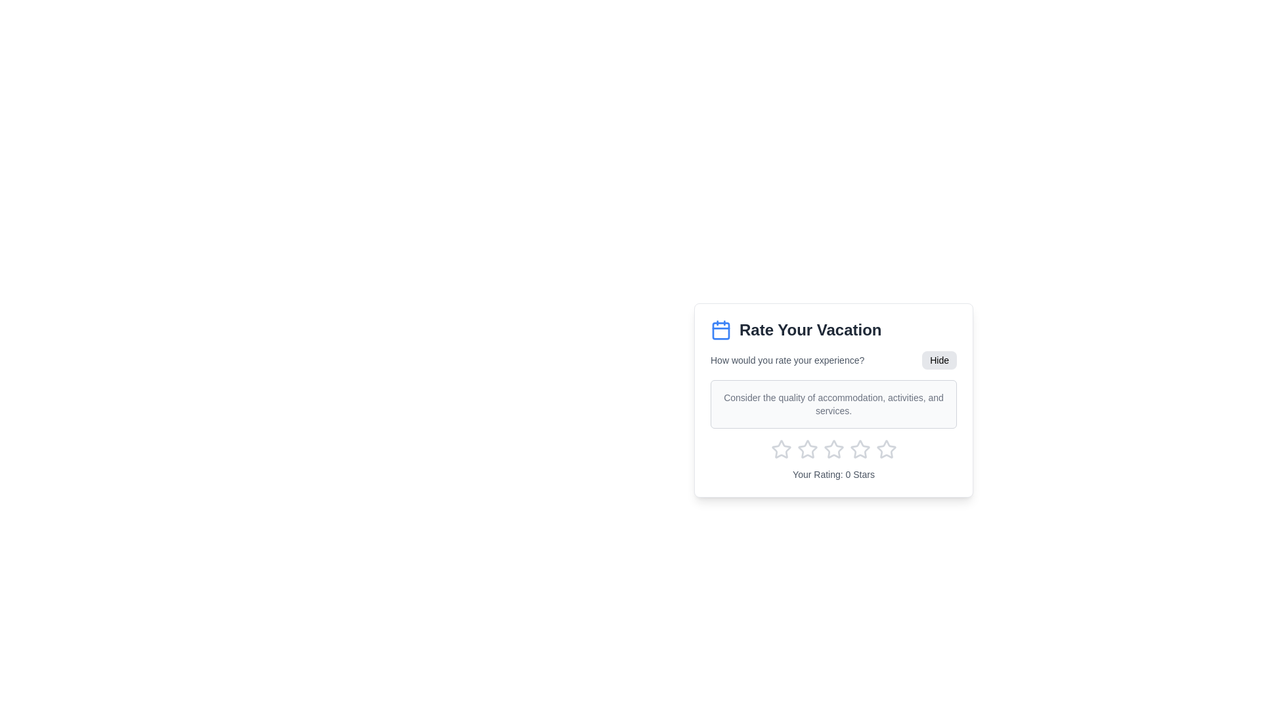 The image size is (1261, 709). What do you see at coordinates (860, 448) in the screenshot?
I see `the third star in the 5-star rating system to improve accessibility` at bounding box center [860, 448].